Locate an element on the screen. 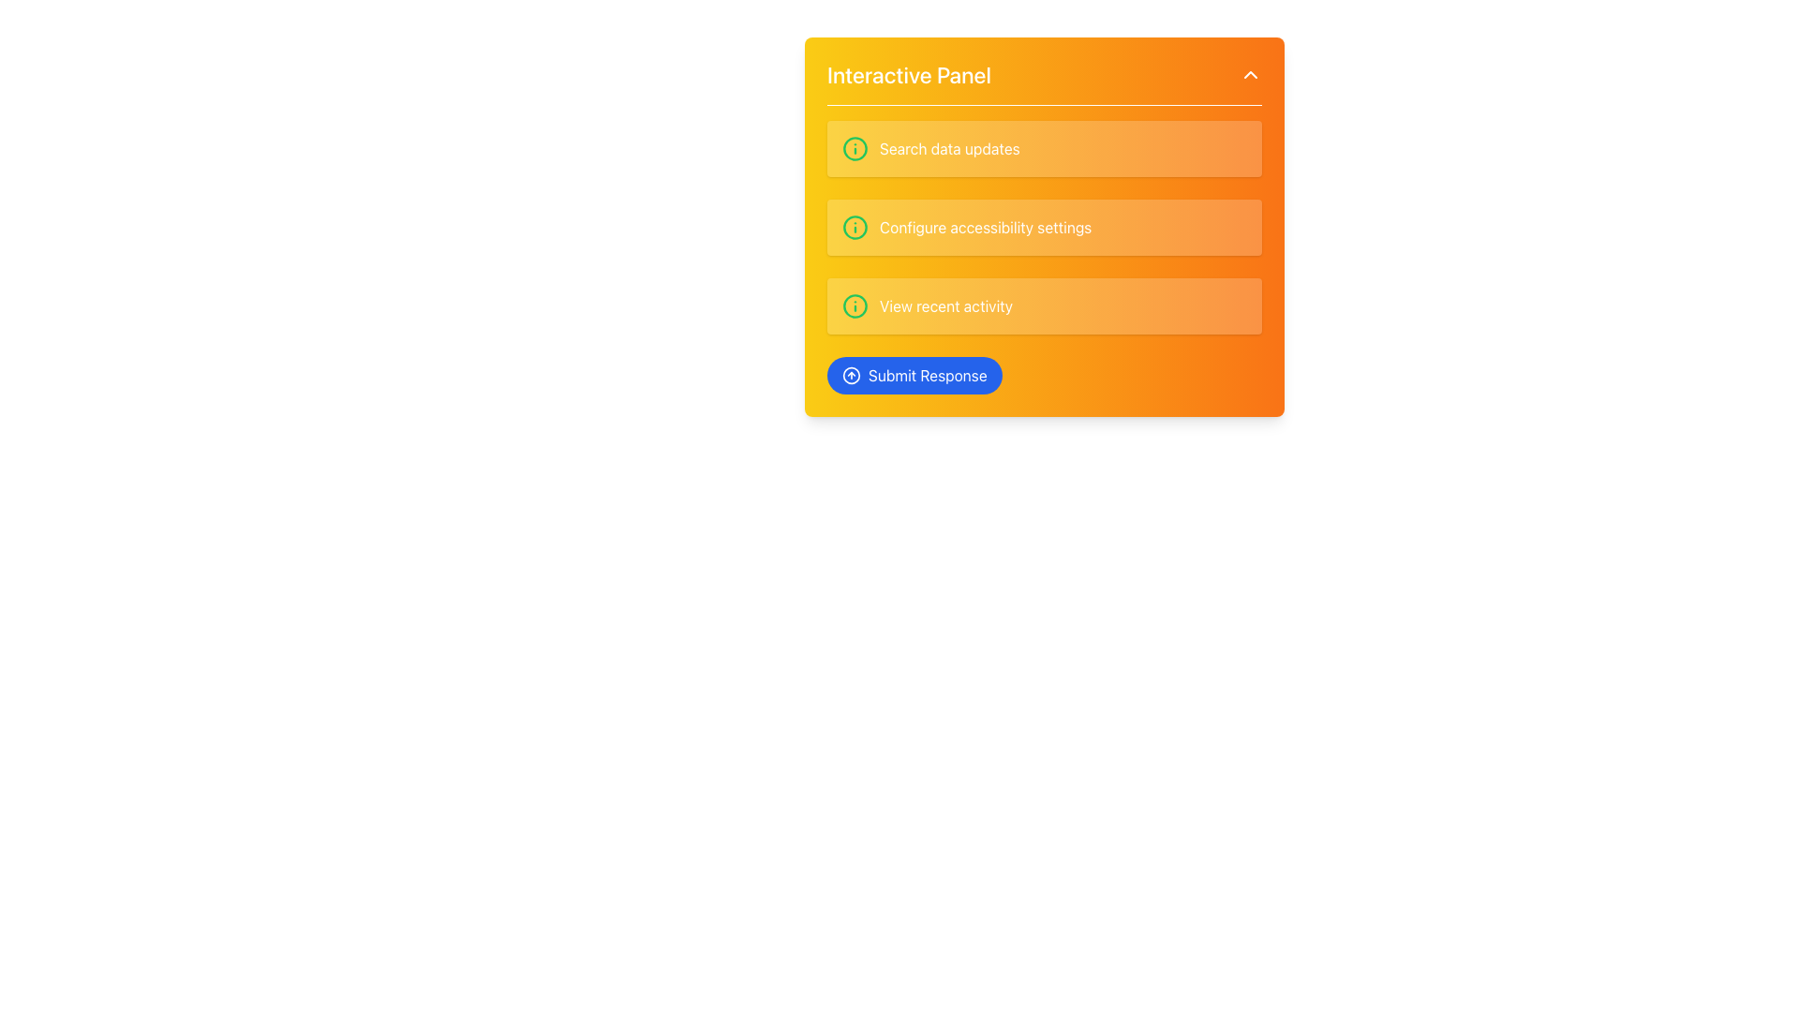  the Static Text Label that conveys the purpose related to 'Search data updates', which is the first entry in a vertically stacked list and aligned centrally next to a green icon is located at coordinates (949, 147).